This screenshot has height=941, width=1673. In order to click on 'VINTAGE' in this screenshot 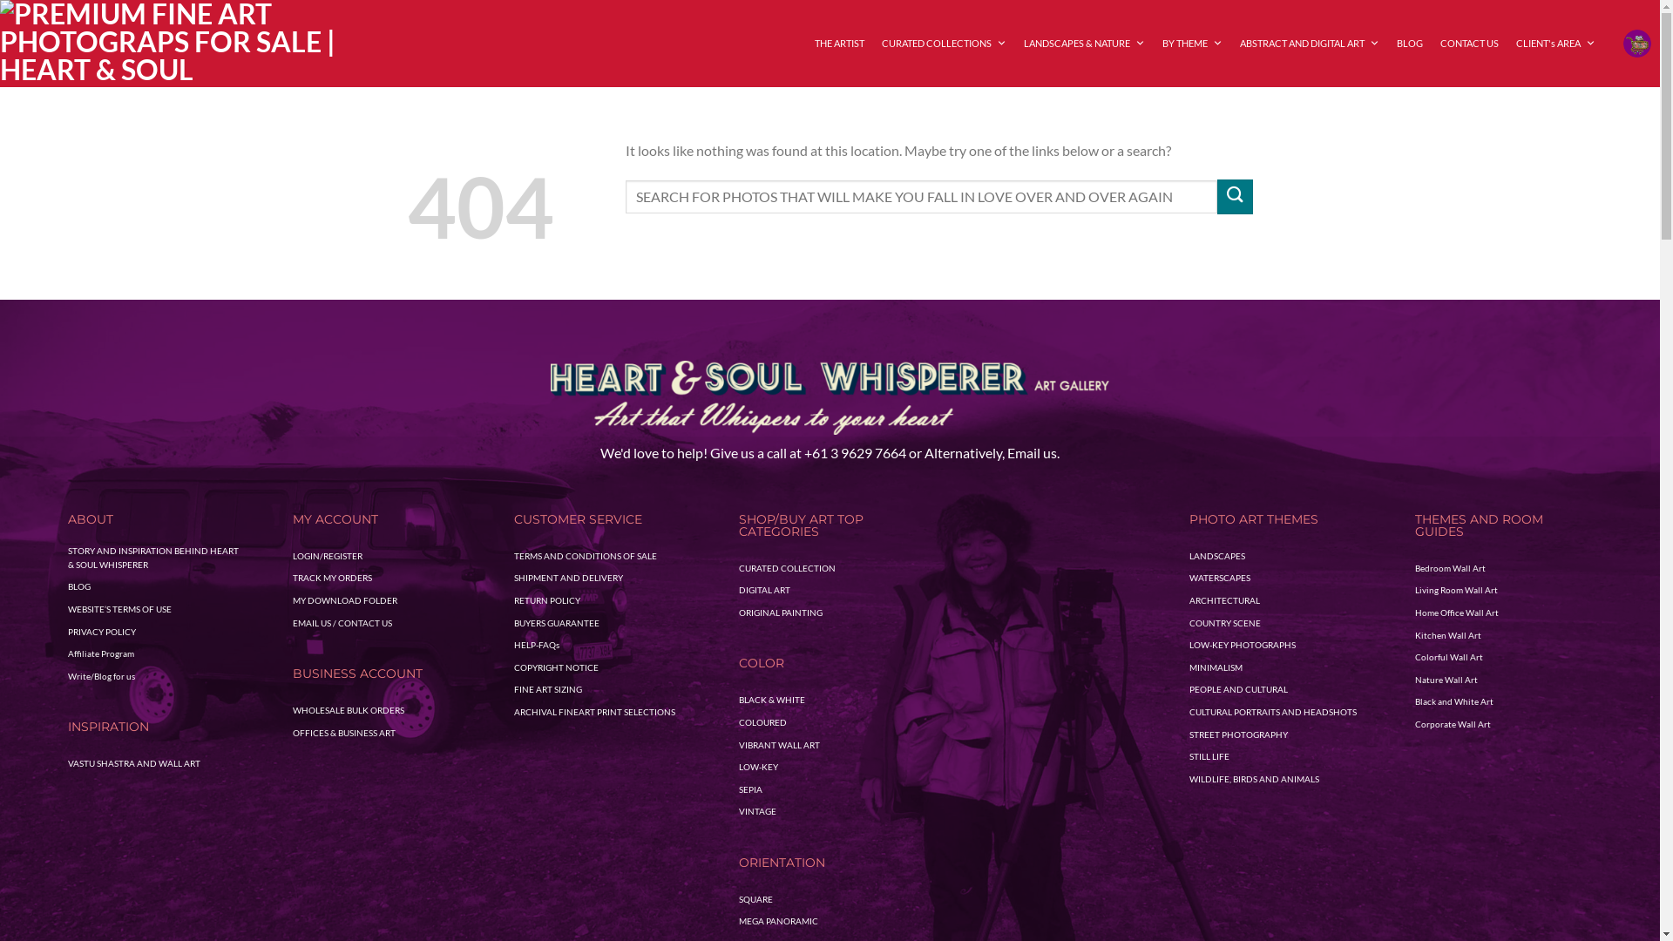, I will do `click(757, 810)`.